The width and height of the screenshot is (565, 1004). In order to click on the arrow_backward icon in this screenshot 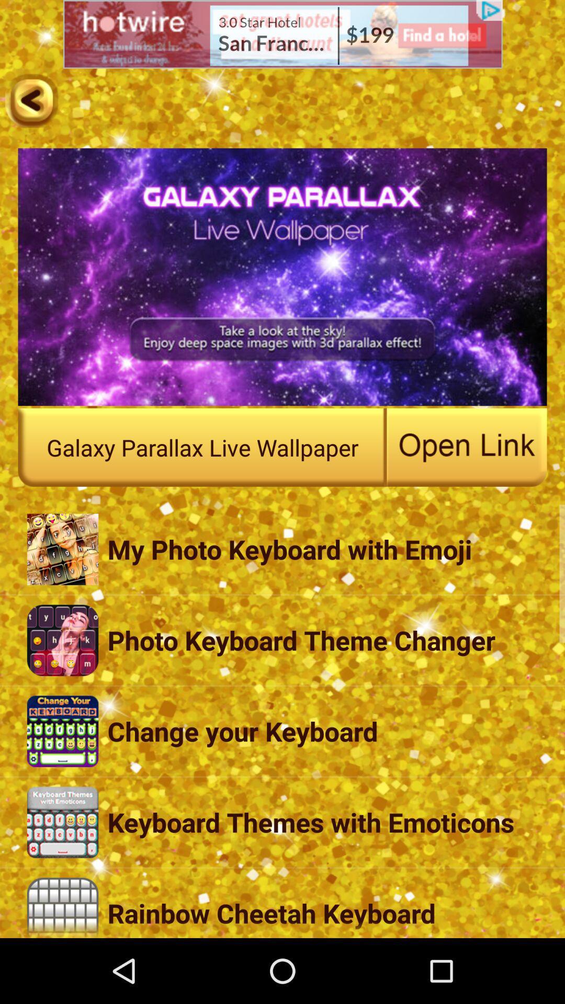, I will do `click(31, 100)`.